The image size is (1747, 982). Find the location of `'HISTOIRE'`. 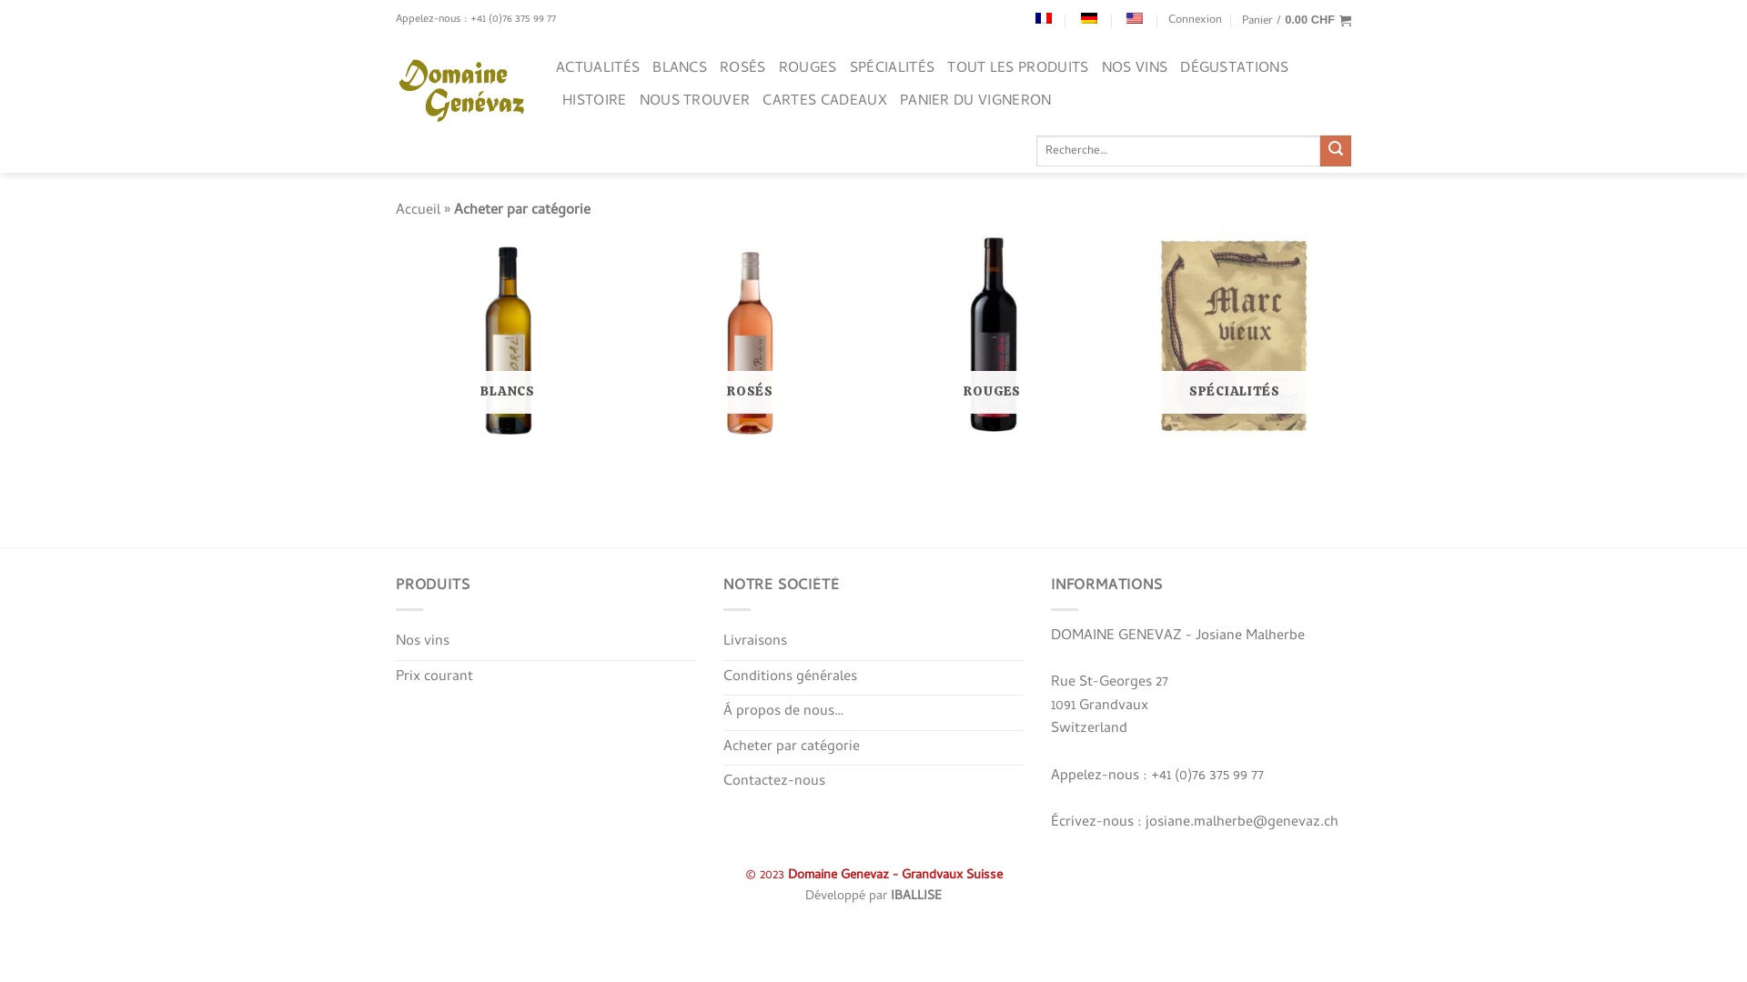

'HISTOIRE' is located at coordinates (594, 101).